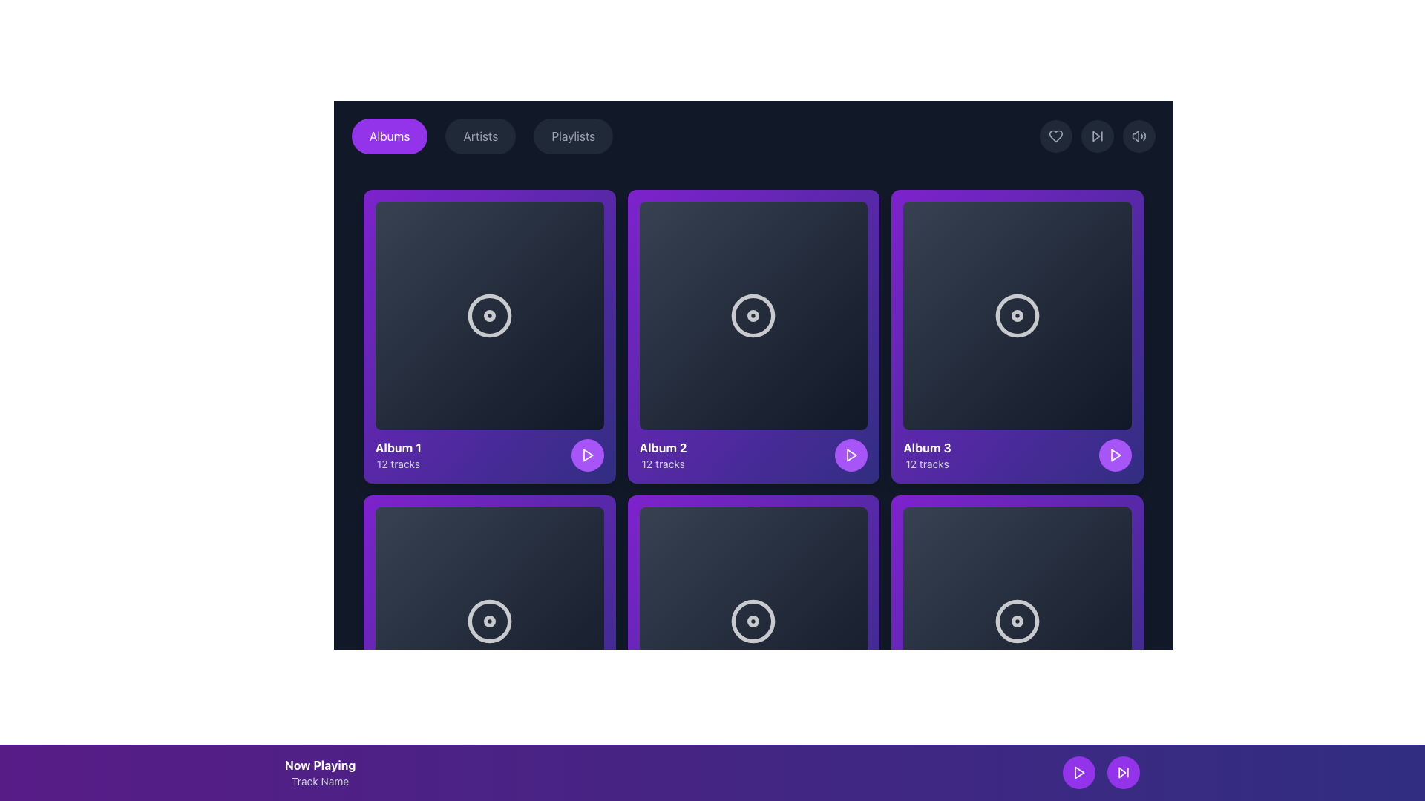 The image size is (1425, 801). I want to click on the 'Albums' button, which is a horizontally elongated capsule-shaped button with a purple background and white capitalized text, to trigger a hover effect, so click(390, 136).